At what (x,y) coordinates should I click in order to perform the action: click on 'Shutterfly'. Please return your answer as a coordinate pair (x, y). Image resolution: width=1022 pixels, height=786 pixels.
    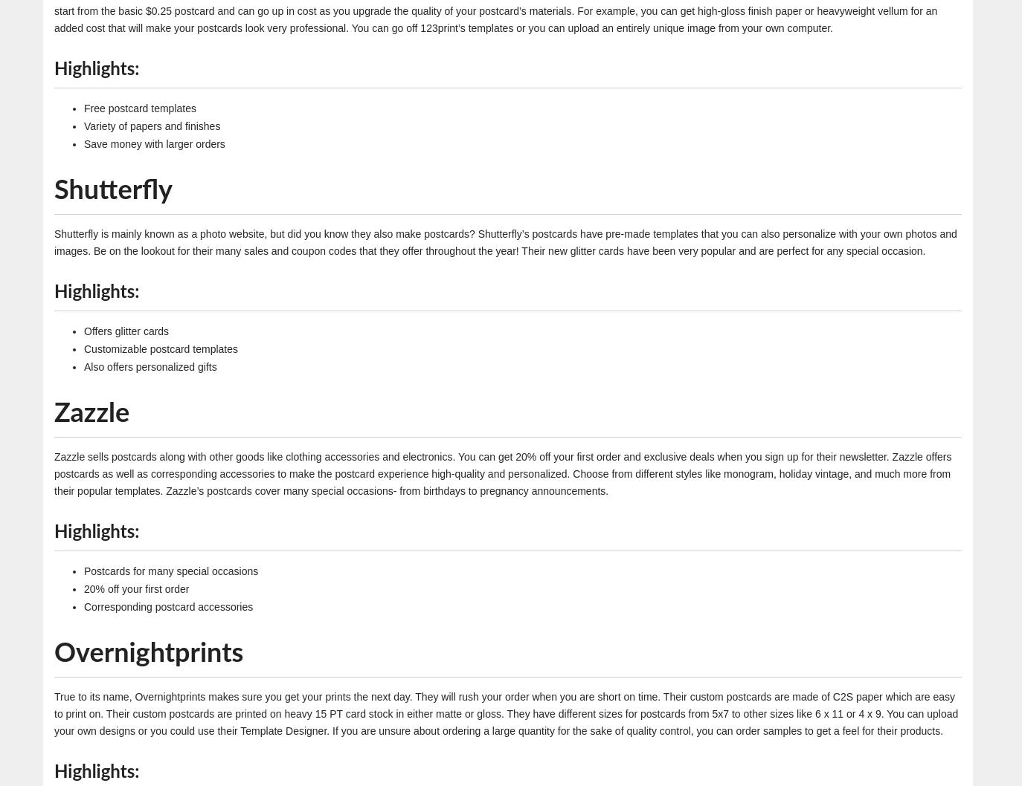
    Looking at the image, I should click on (112, 190).